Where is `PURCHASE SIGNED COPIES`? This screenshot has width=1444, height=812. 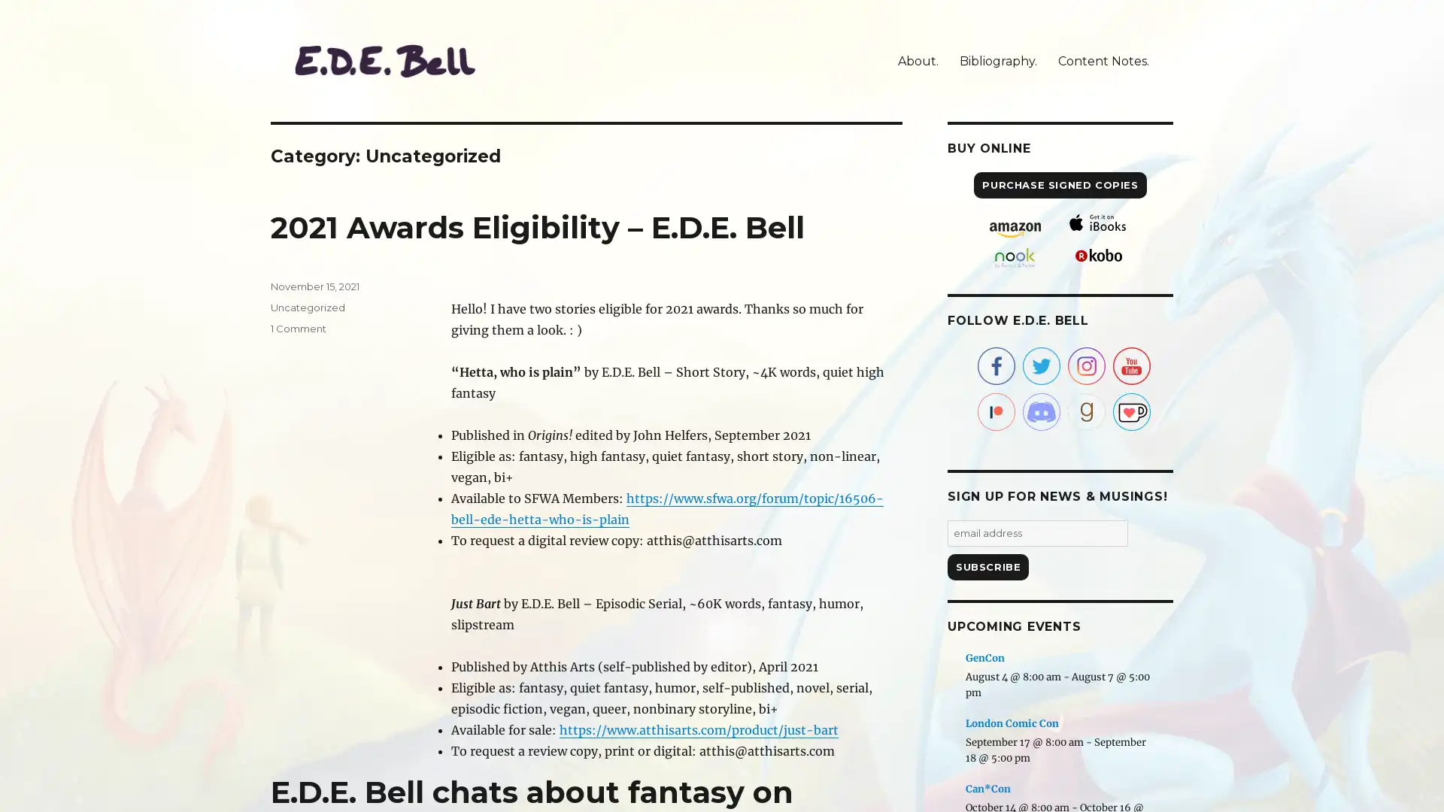
PURCHASE SIGNED COPIES is located at coordinates (1059, 184).